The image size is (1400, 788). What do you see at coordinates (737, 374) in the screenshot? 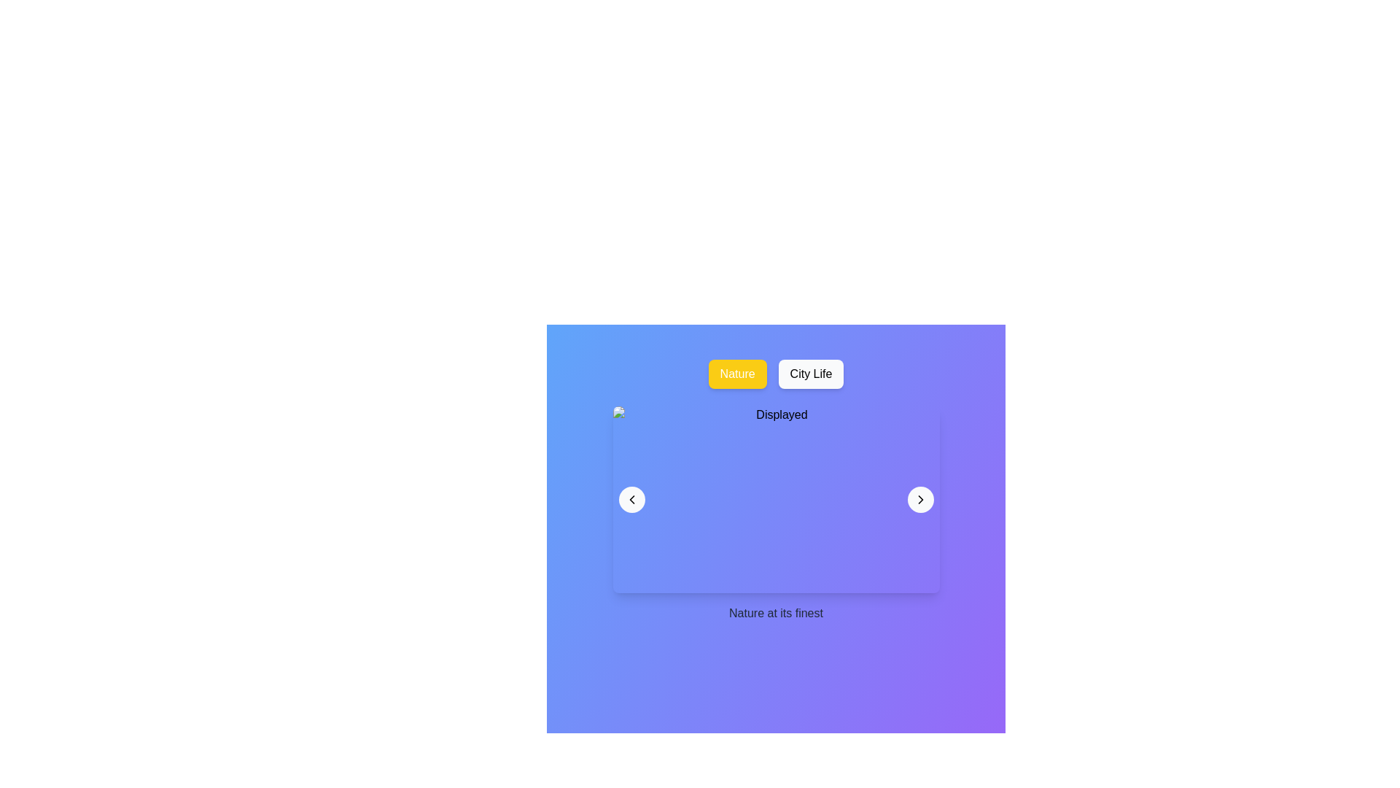
I see `the 'Nature' button, which is the first button with a yellow background and white text` at bounding box center [737, 374].